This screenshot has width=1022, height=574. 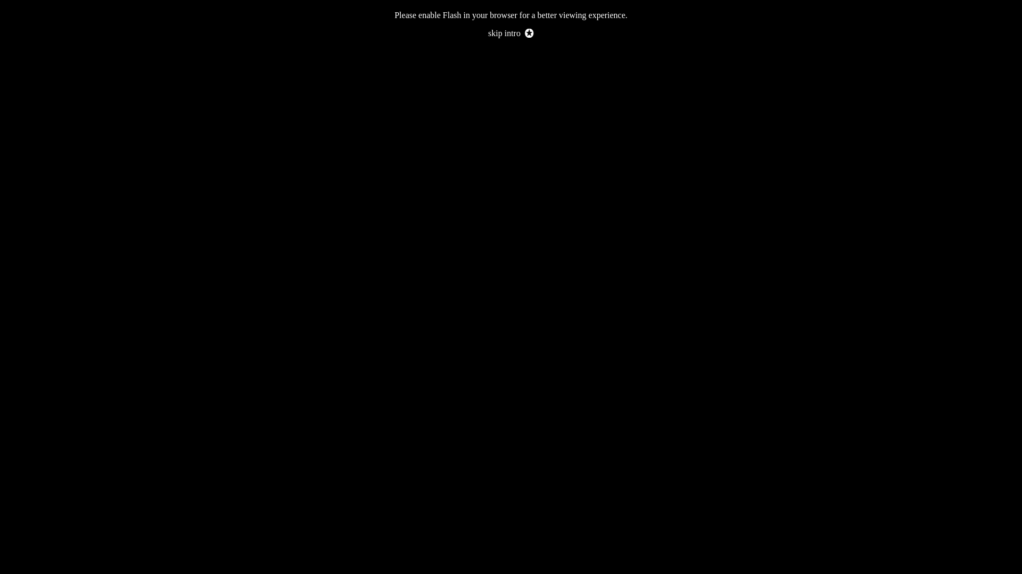 I want to click on 'skip intro', so click(x=511, y=32).